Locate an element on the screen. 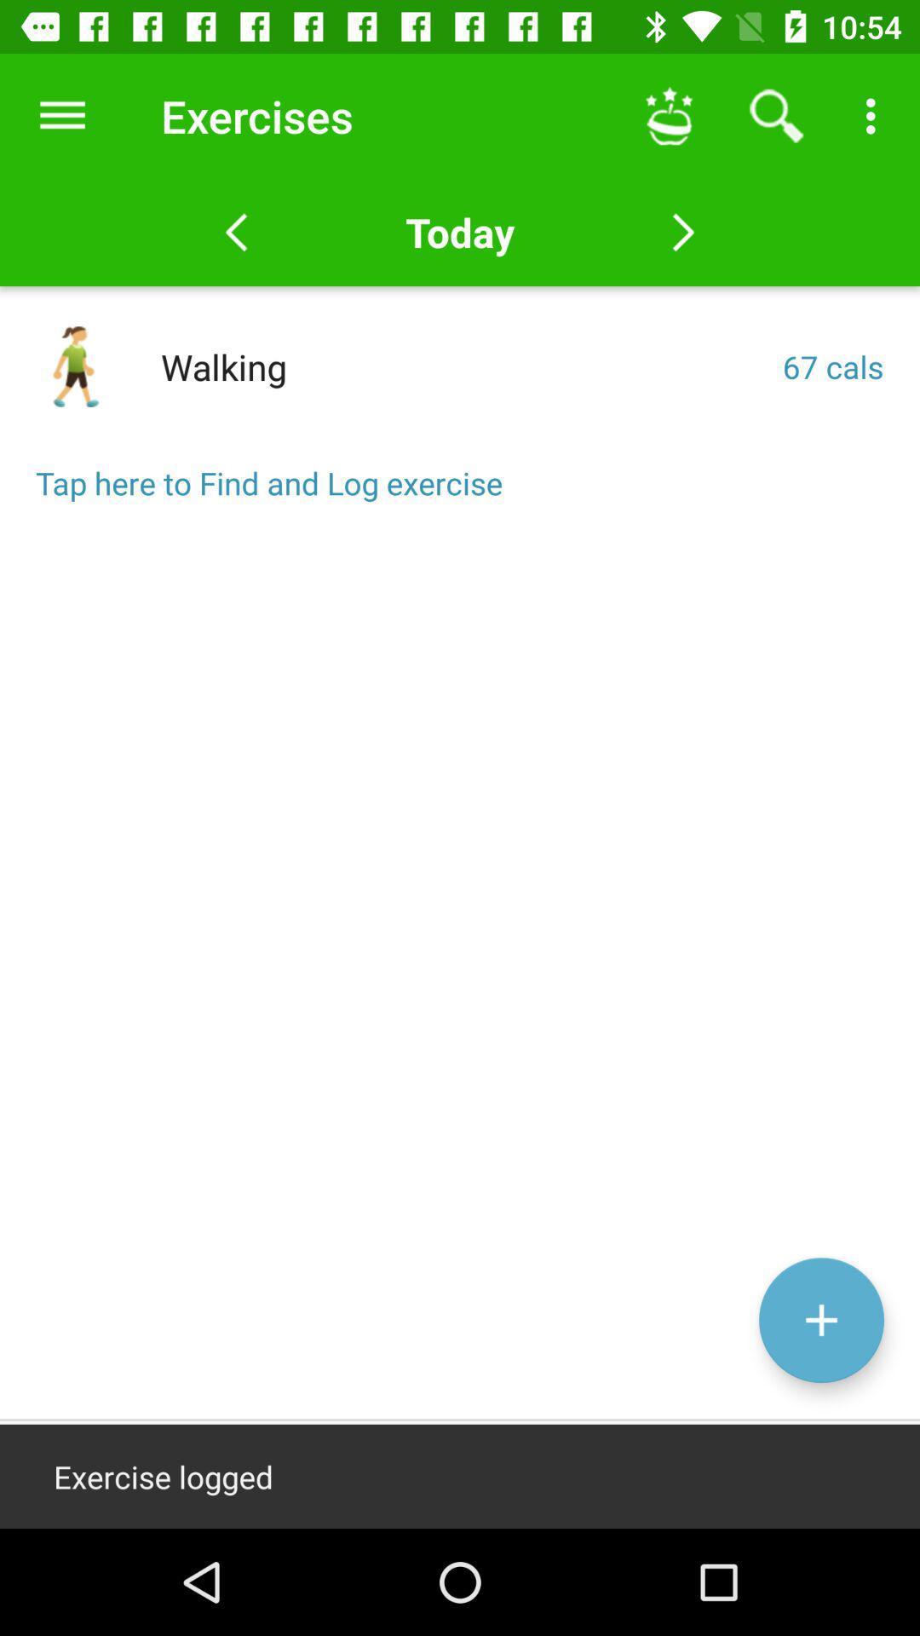 This screenshot has width=920, height=1636. the add icon is located at coordinates (820, 1319).